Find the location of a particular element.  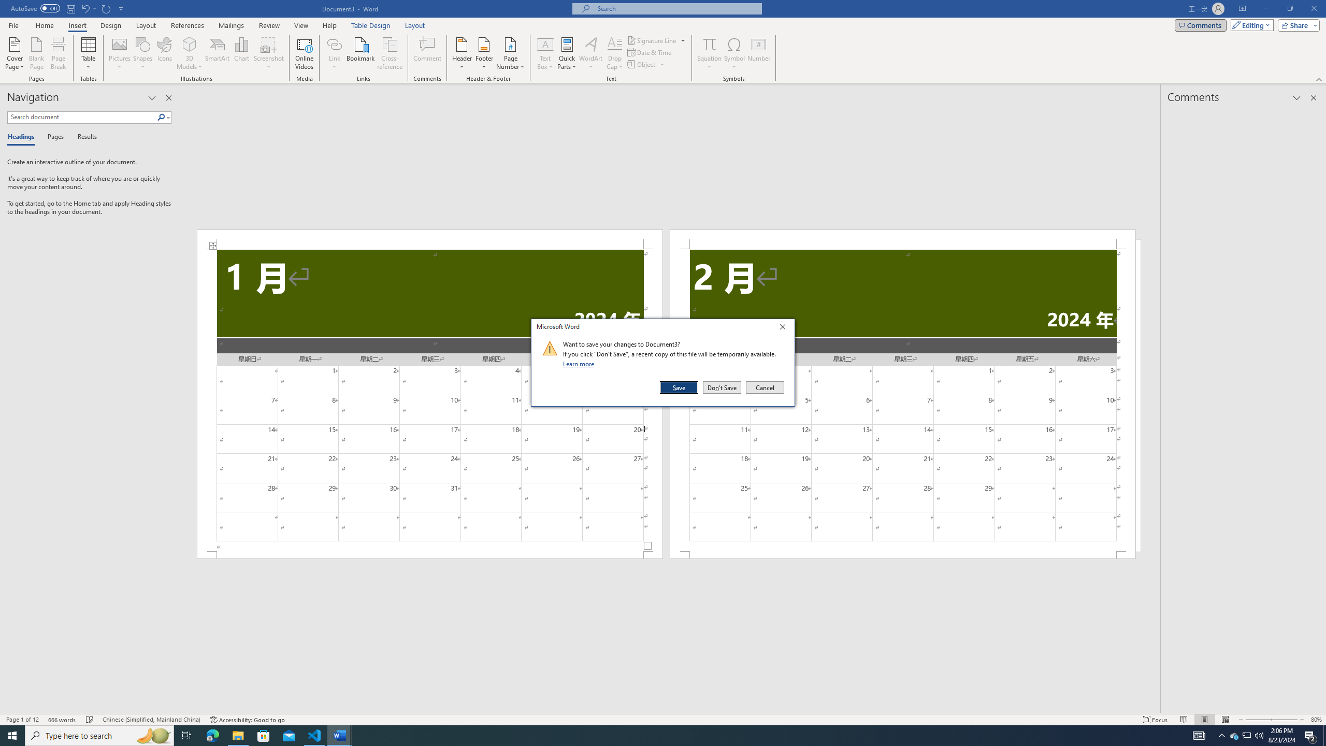

'Type here to search' is located at coordinates (99, 735).